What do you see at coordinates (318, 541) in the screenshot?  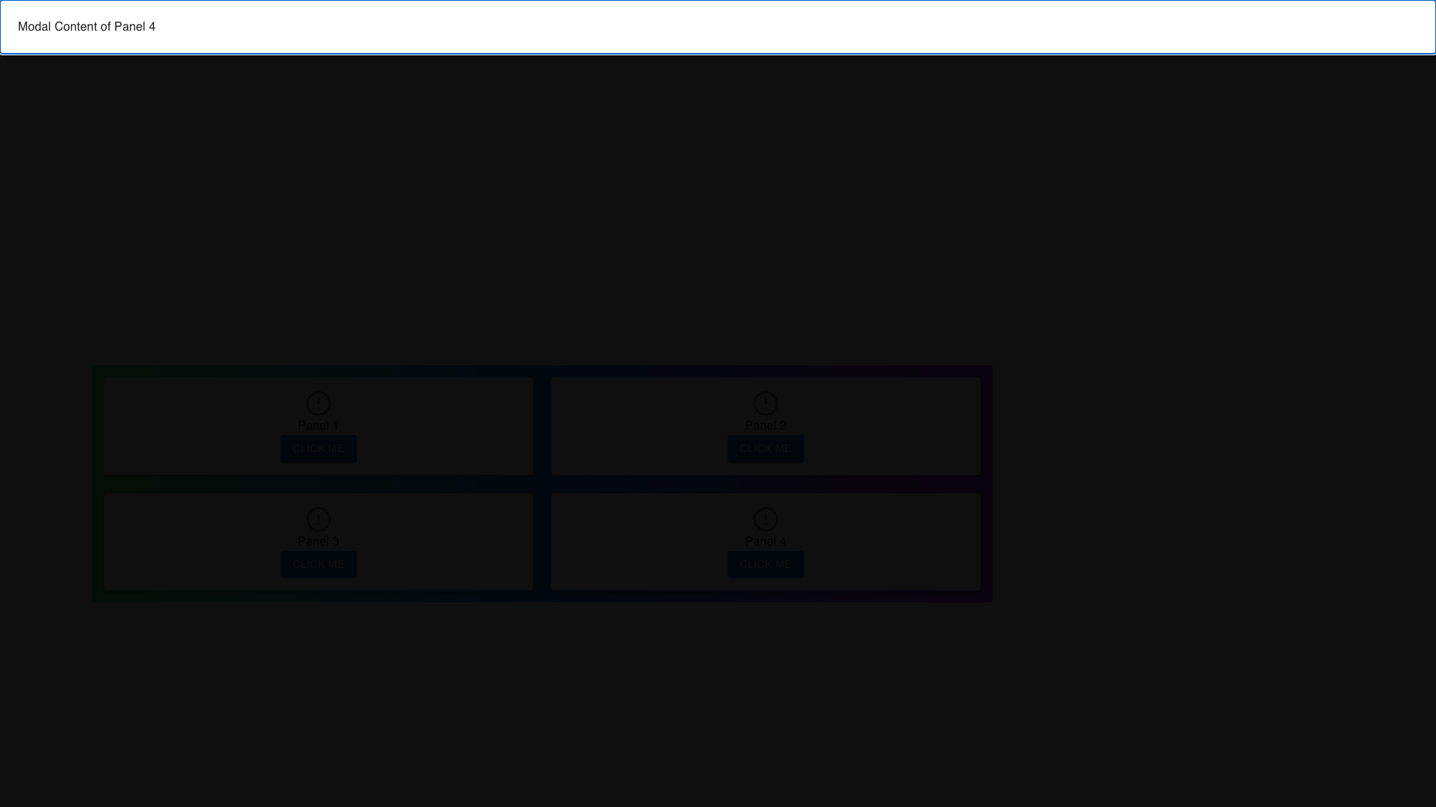 I see `the blue button labeled 'Click Me' located at the bottom of the Panel titled 'Panel 3' in the lower left quadrant of the layout` at bounding box center [318, 541].